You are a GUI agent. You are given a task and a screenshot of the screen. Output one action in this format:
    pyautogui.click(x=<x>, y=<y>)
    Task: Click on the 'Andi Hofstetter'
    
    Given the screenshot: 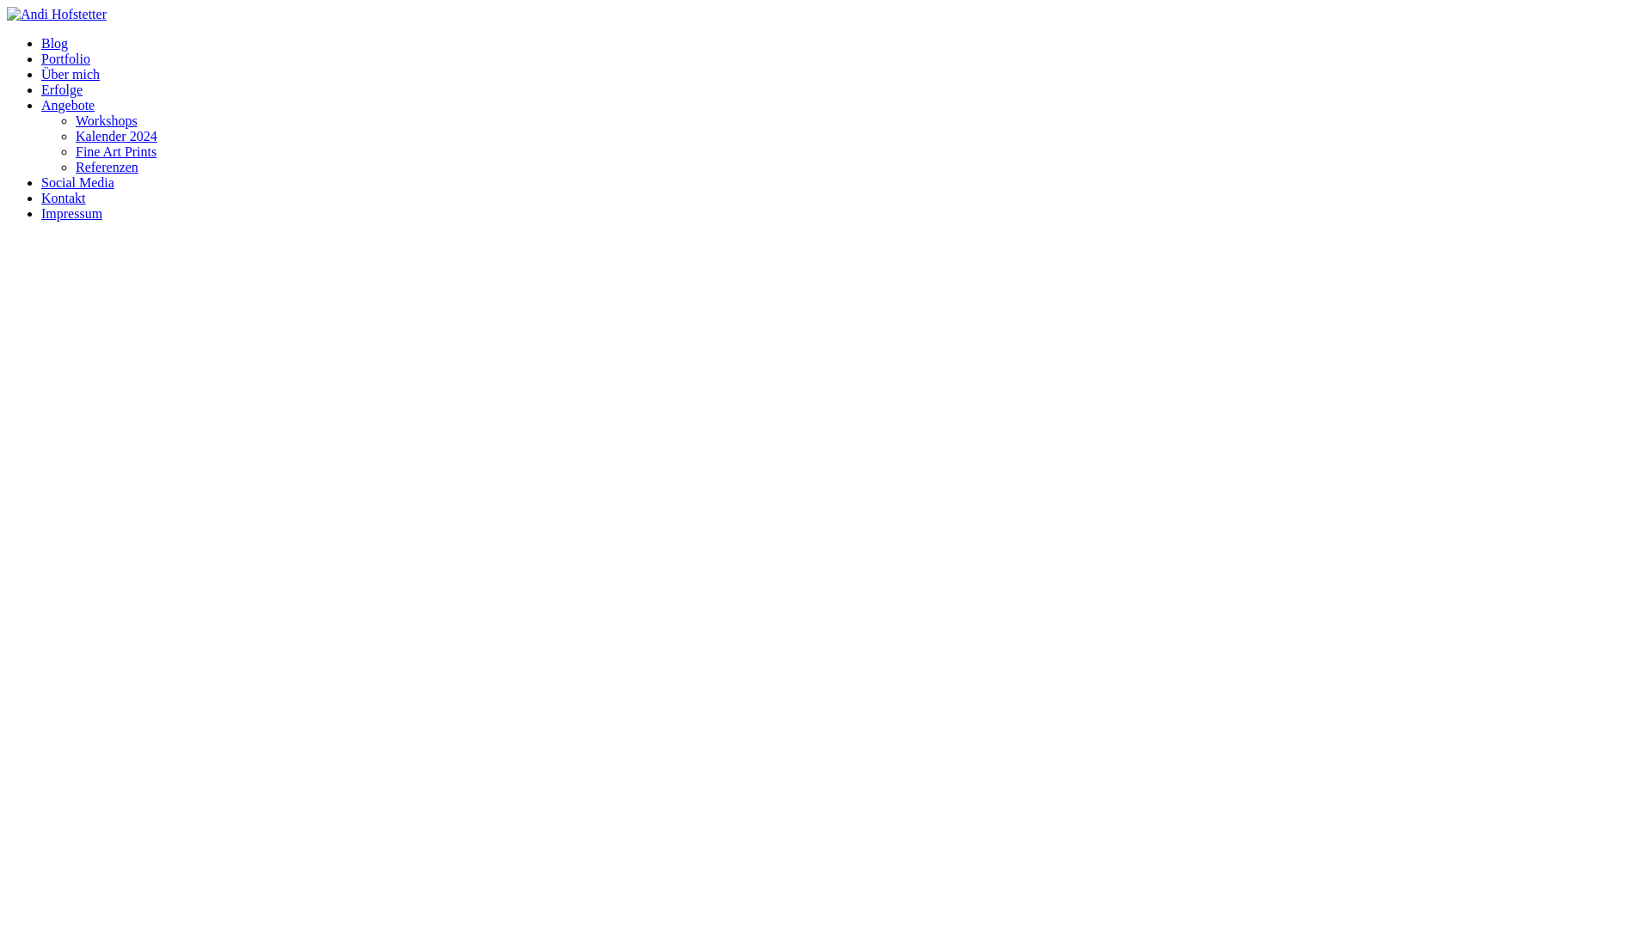 What is the action you would take?
    pyautogui.click(x=57, y=14)
    